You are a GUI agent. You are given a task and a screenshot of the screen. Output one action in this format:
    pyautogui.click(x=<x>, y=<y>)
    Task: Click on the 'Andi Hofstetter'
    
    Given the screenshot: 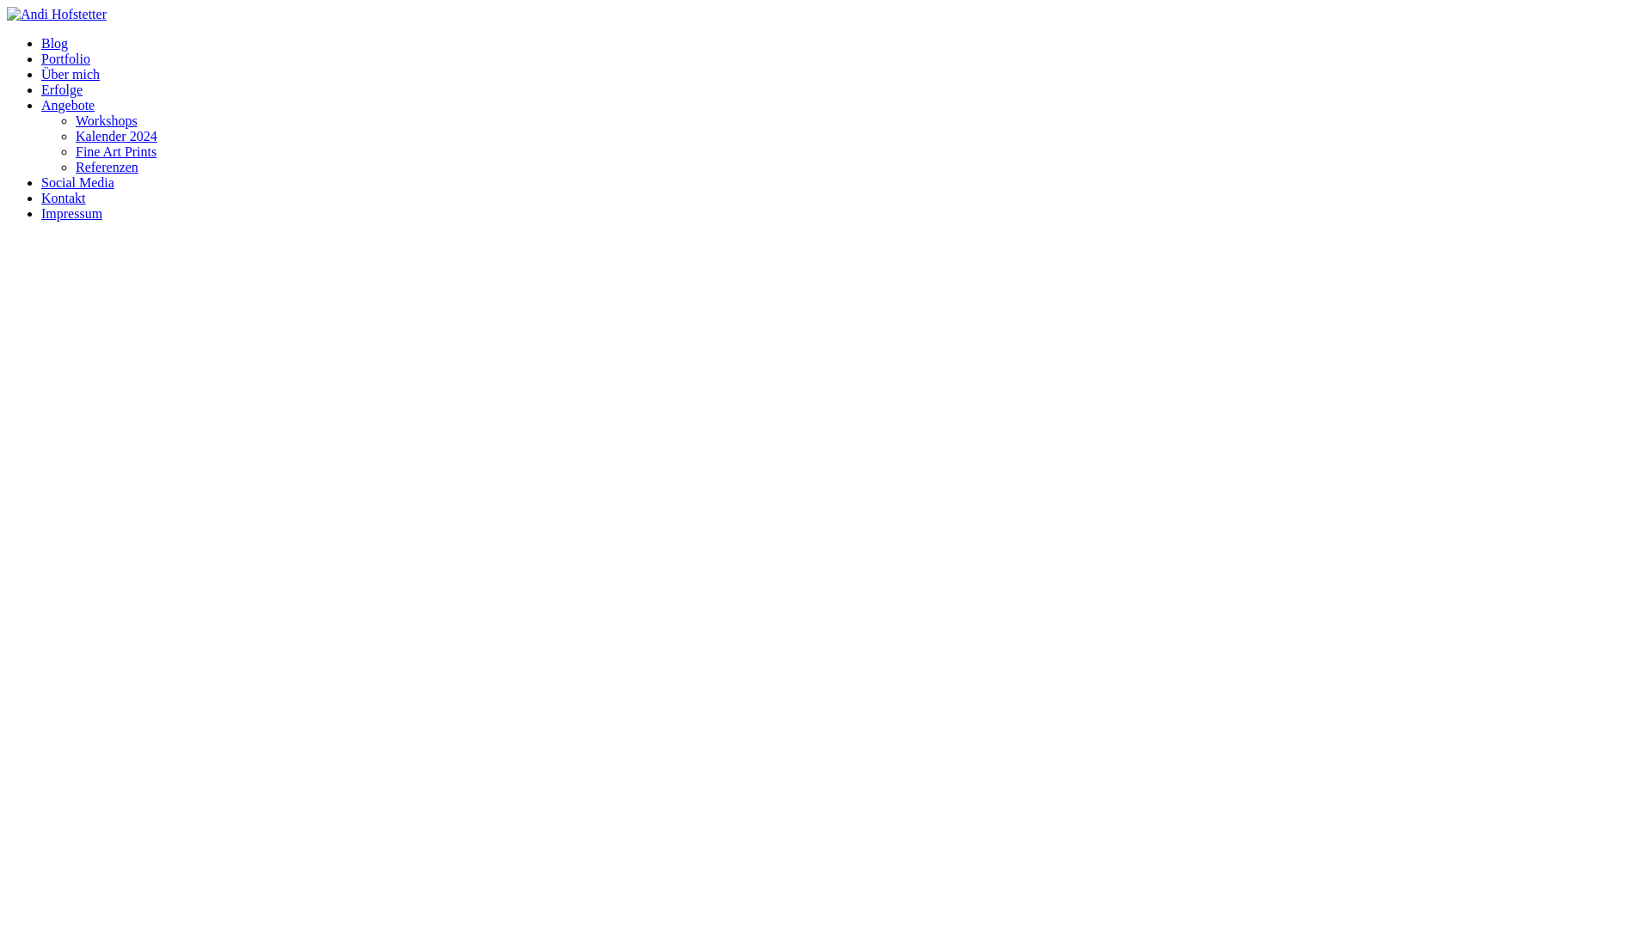 What is the action you would take?
    pyautogui.click(x=57, y=14)
    